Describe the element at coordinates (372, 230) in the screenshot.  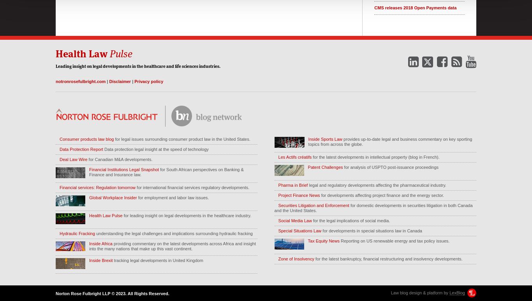
I see `'for developments in special situations law in Canada'` at that location.